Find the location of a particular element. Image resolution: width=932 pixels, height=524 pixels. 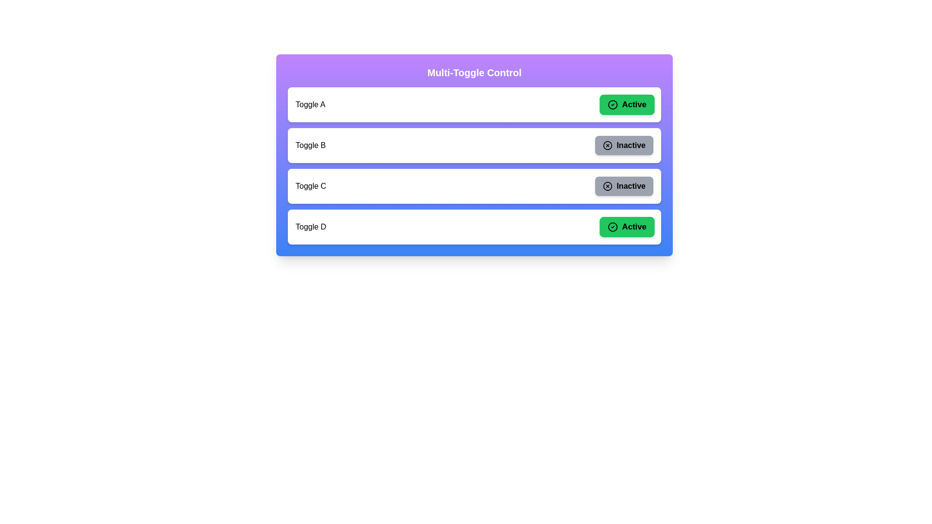

the 'Active' toggle button located next to the label 'Toggle D' is located at coordinates (627, 227).